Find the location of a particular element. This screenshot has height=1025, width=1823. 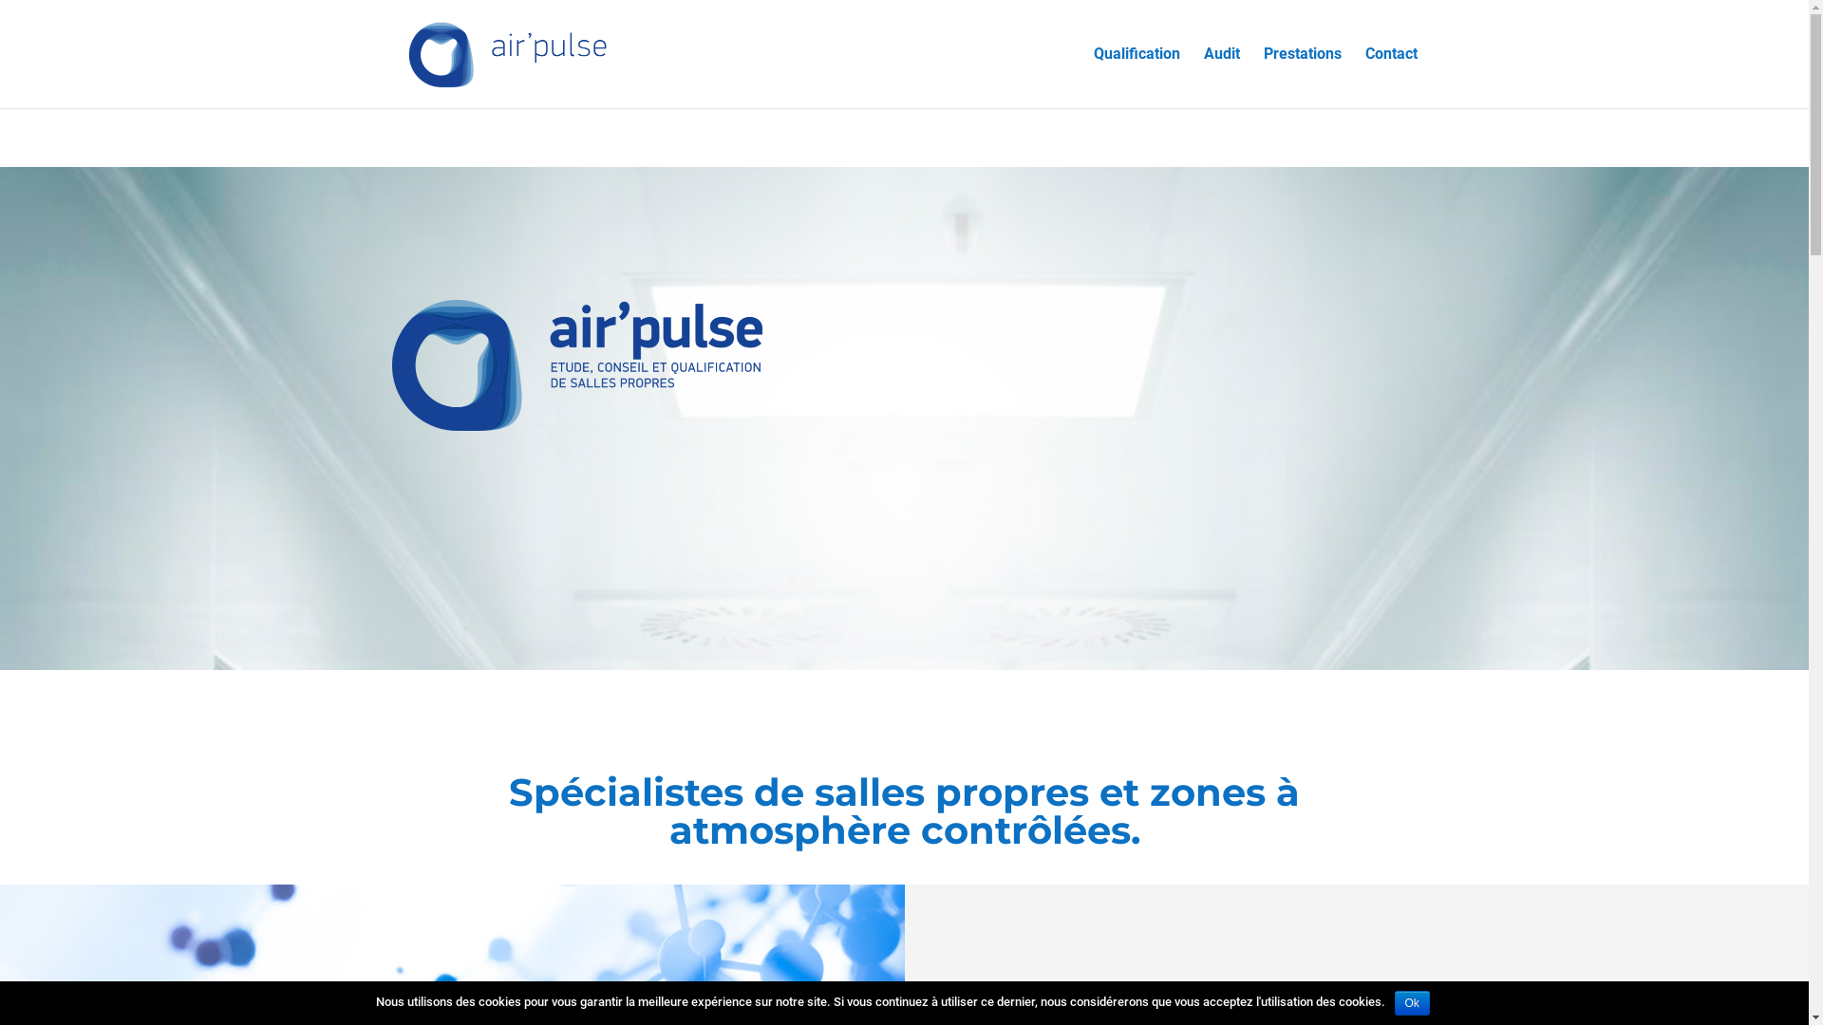

'Audit' is located at coordinates (1202, 76).